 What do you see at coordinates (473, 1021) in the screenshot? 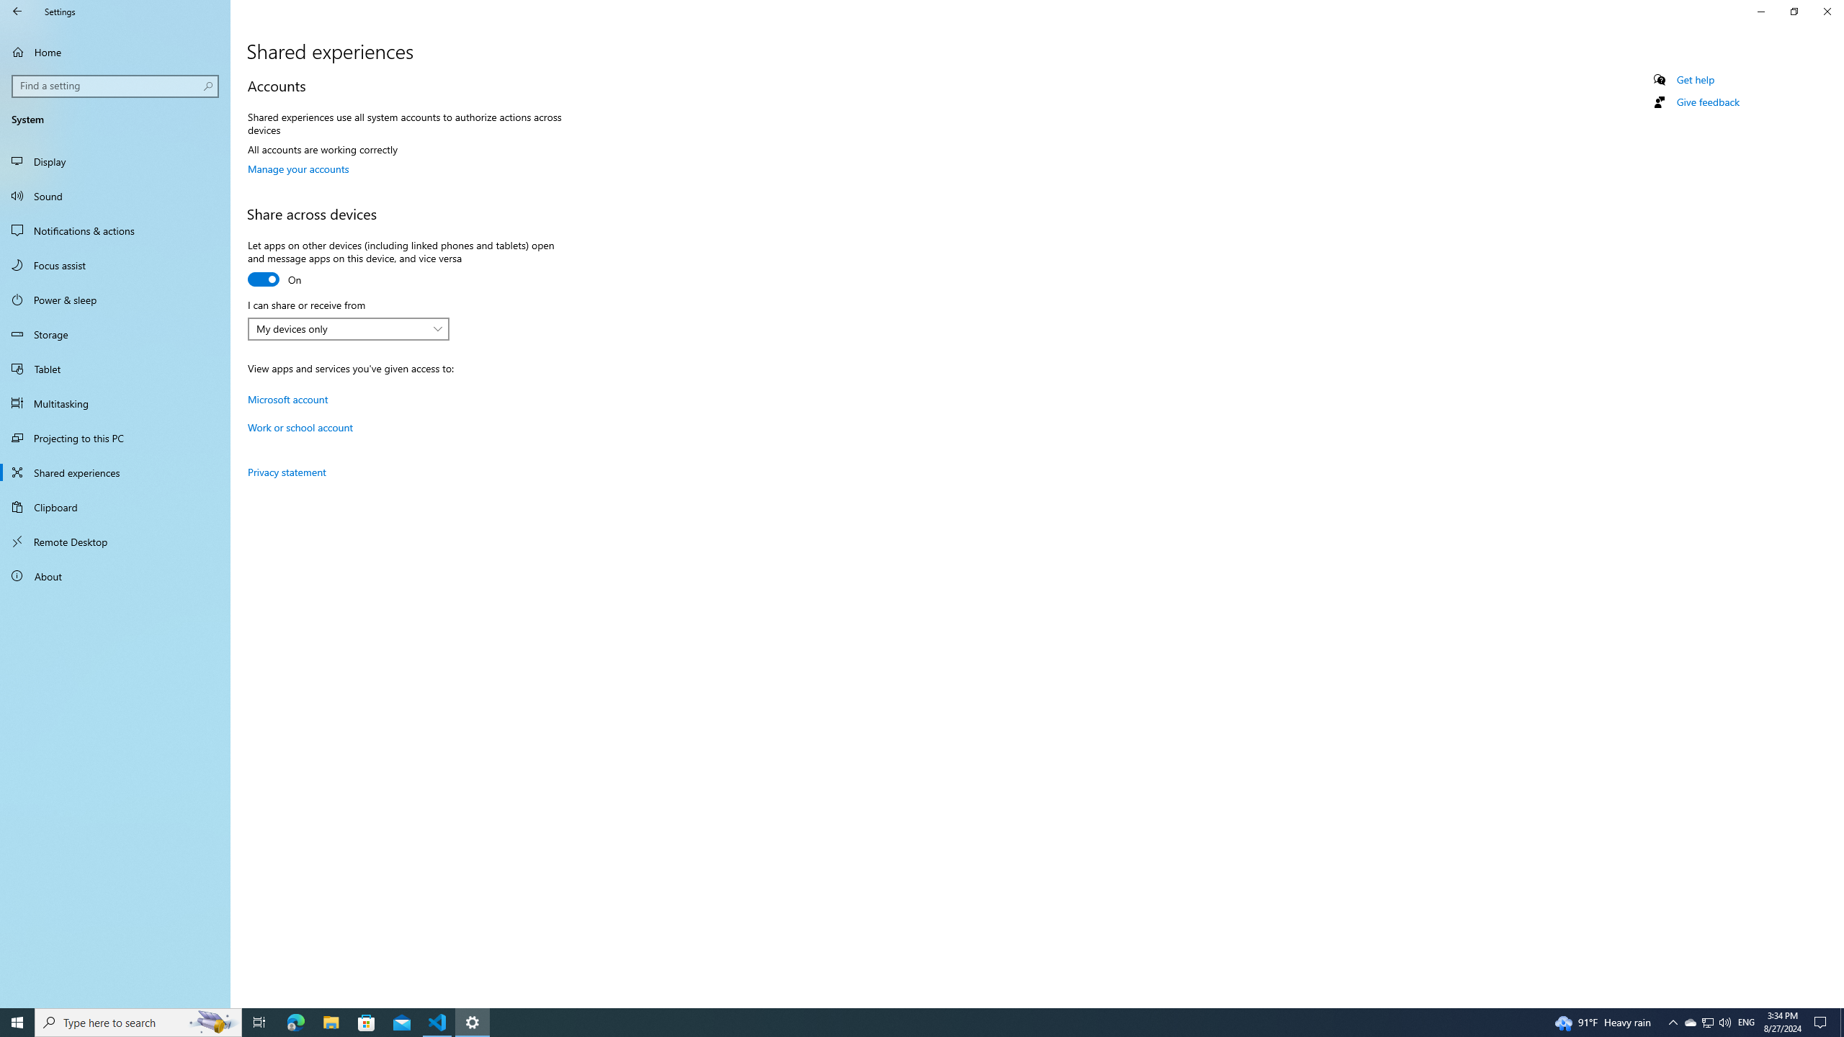
I see `'Settings - 1 running window'` at bounding box center [473, 1021].